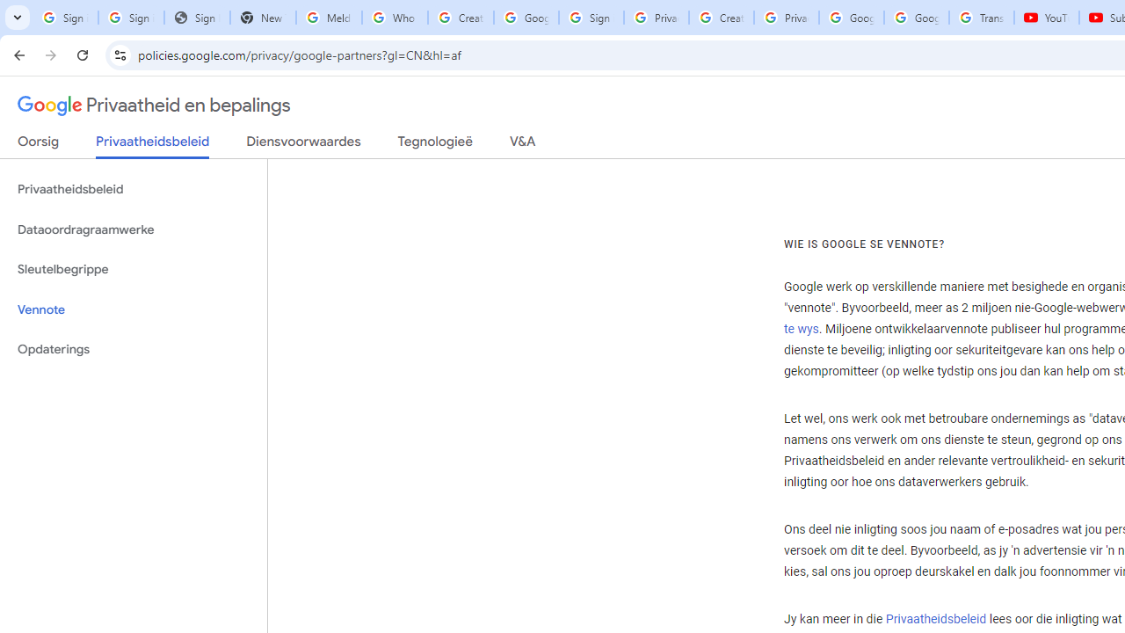 This screenshot has width=1125, height=633. What do you see at coordinates (521, 144) in the screenshot?
I see `'V&A'` at bounding box center [521, 144].